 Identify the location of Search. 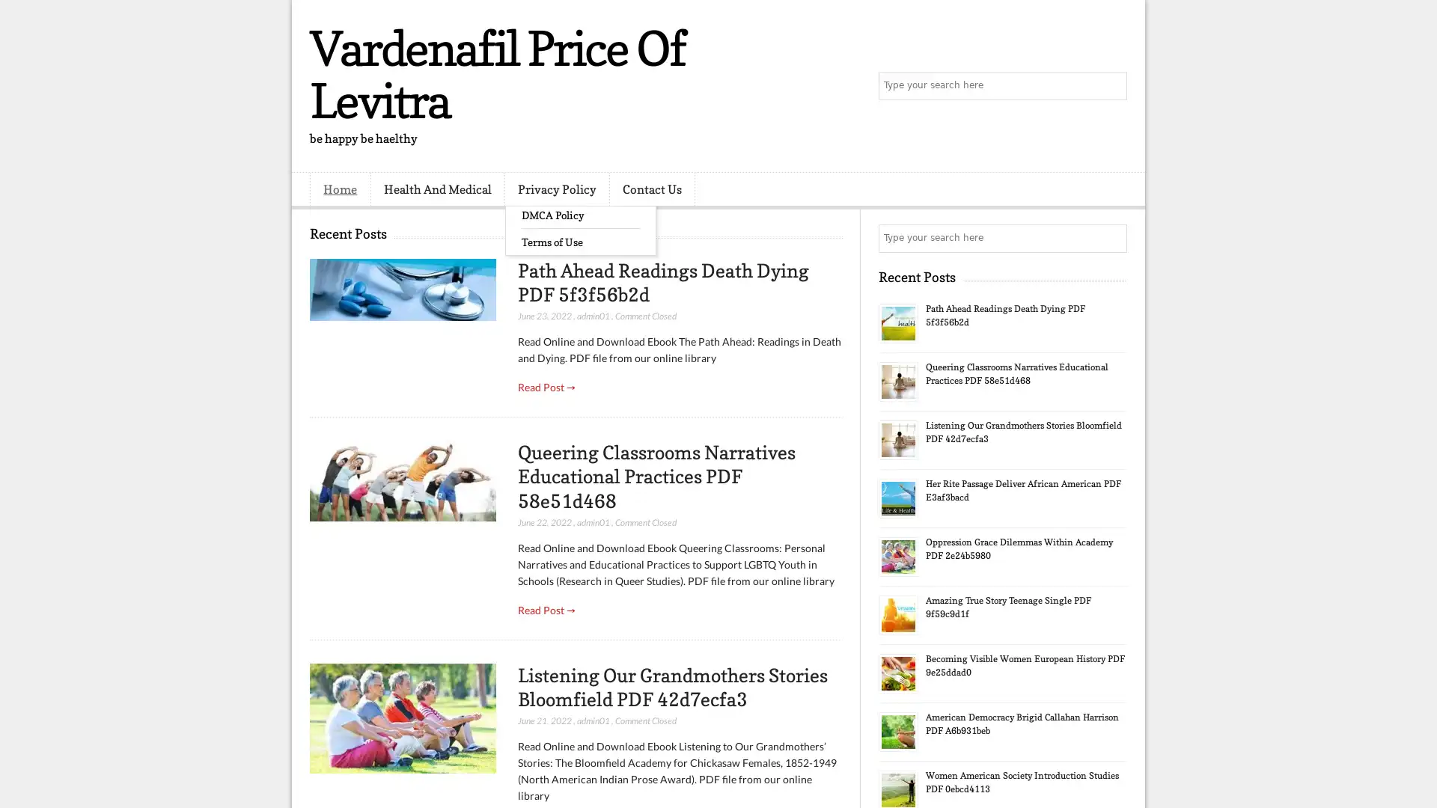
(1111, 86).